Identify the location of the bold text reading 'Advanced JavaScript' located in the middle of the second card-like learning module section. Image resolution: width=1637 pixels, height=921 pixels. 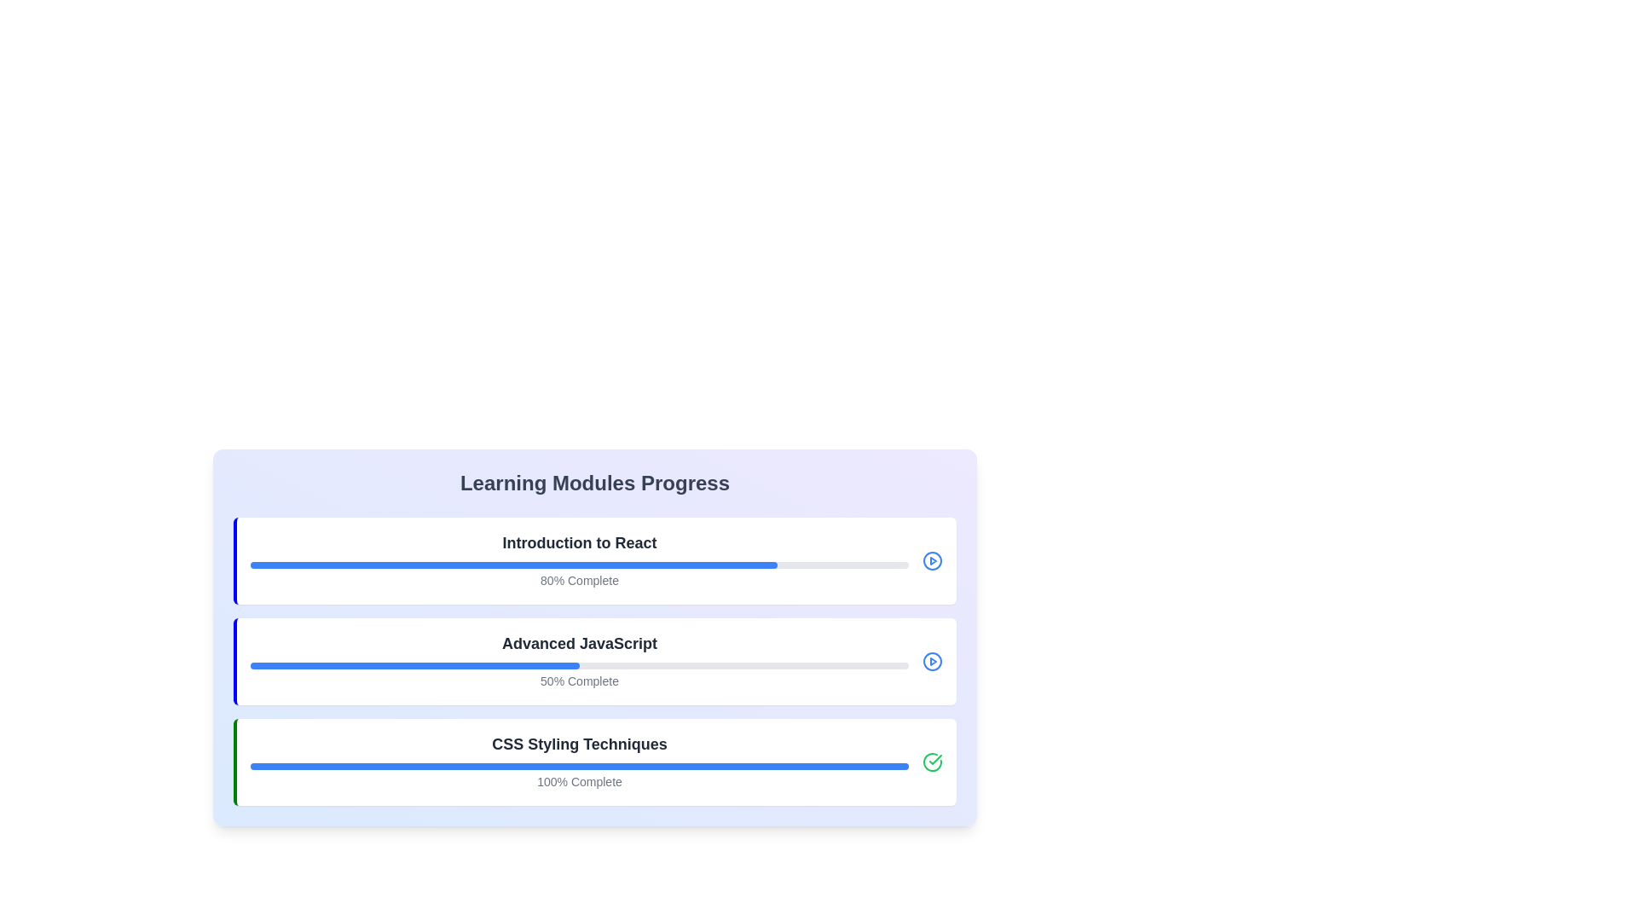
(580, 644).